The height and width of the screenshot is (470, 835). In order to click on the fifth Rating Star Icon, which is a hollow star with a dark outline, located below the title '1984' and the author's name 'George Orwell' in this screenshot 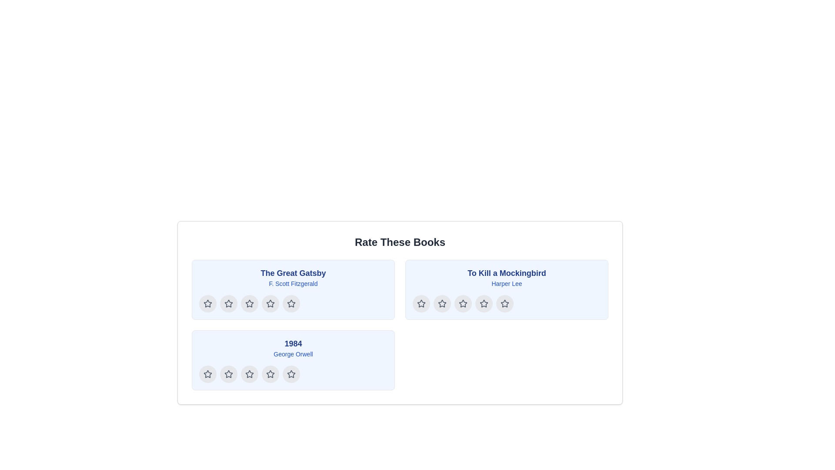, I will do `click(249, 373)`.